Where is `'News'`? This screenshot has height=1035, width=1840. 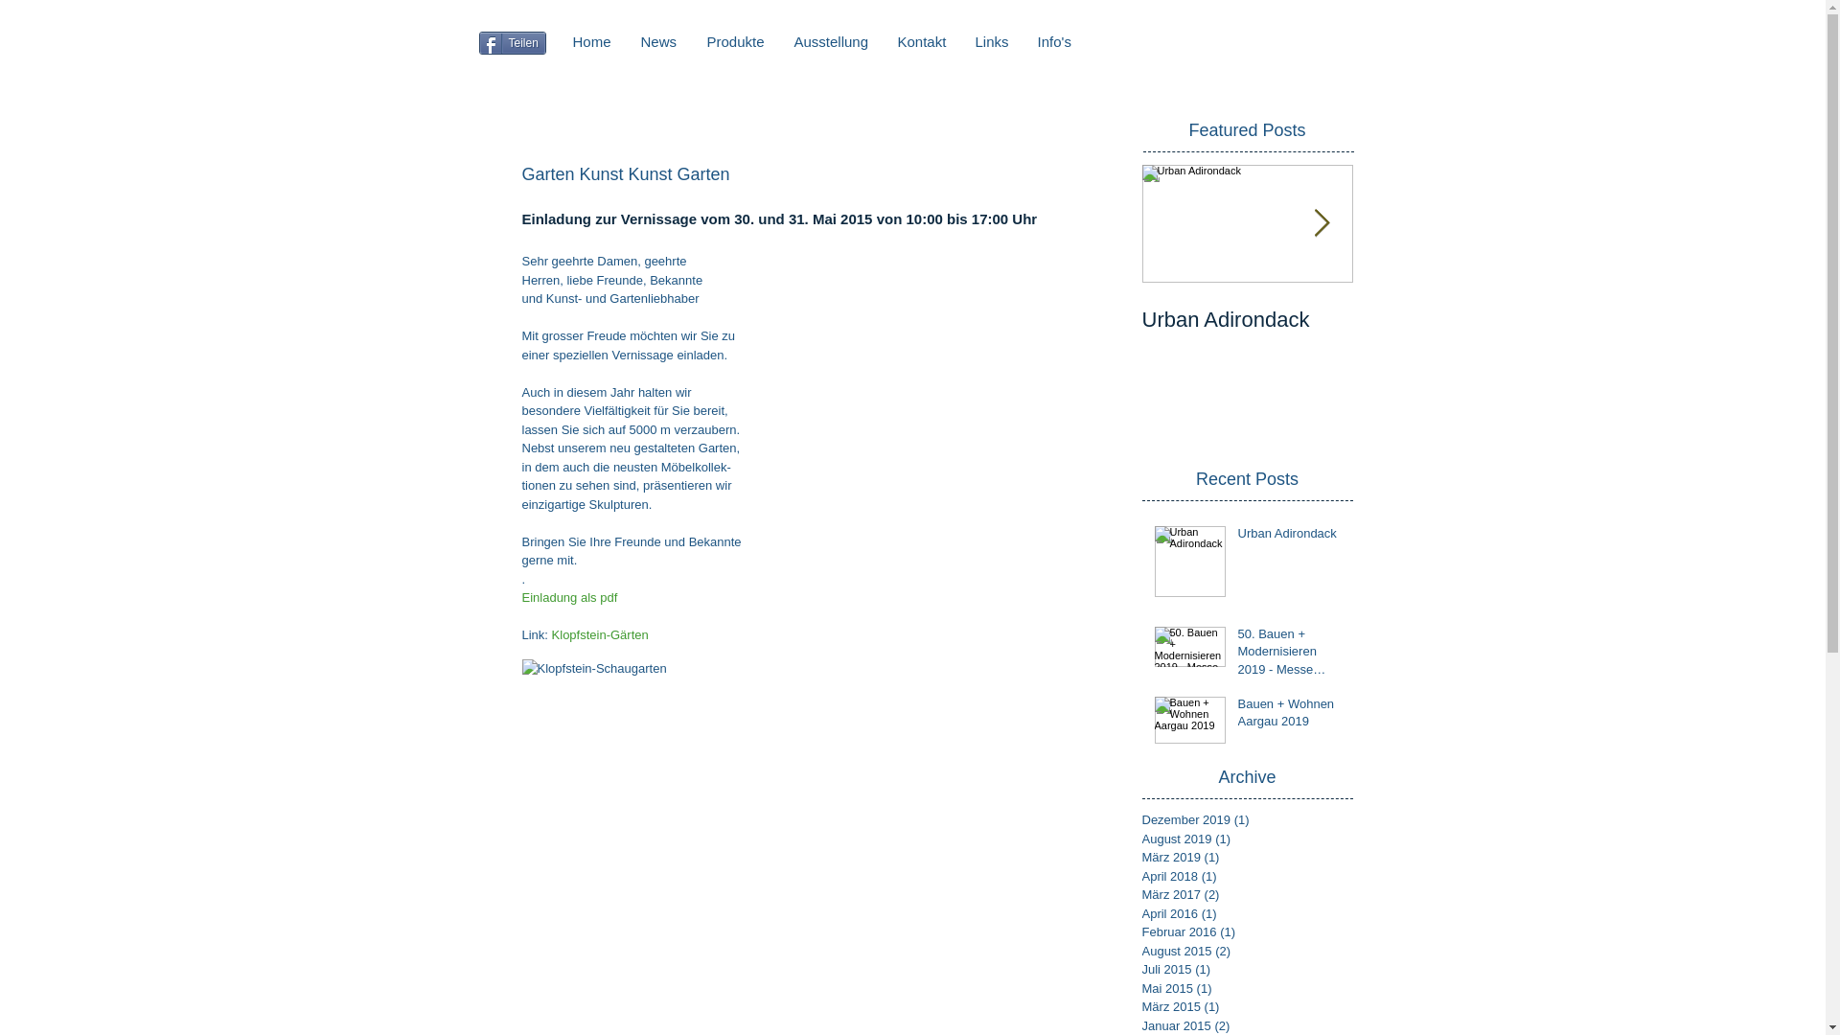
'News' is located at coordinates (659, 40).